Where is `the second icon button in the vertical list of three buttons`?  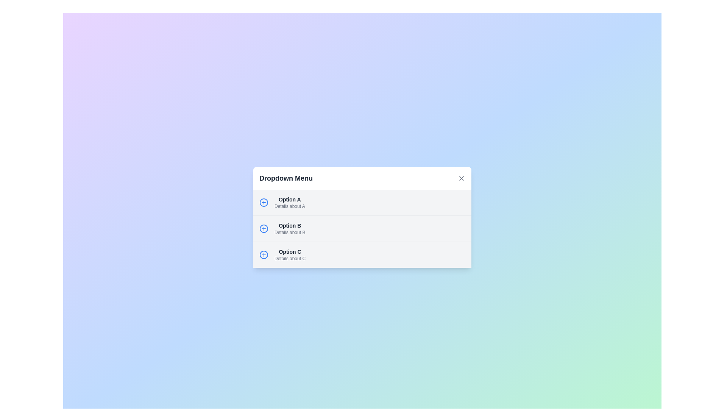
the second icon button in the vertical list of three buttons is located at coordinates (264, 228).